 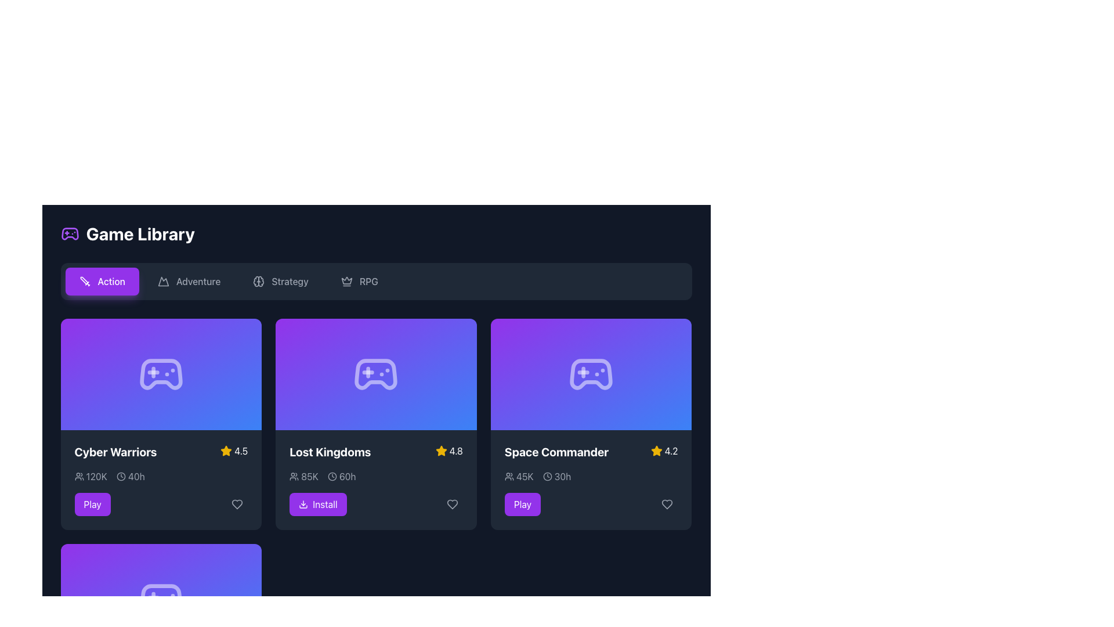 What do you see at coordinates (303, 477) in the screenshot?
I see `text '85K' displayed in gray color, which is accompanied by an icon of a group of people, located beneath the title 'Lost Kingdoms' and to the left of the '60h' text` at bounding box center [303, 477].